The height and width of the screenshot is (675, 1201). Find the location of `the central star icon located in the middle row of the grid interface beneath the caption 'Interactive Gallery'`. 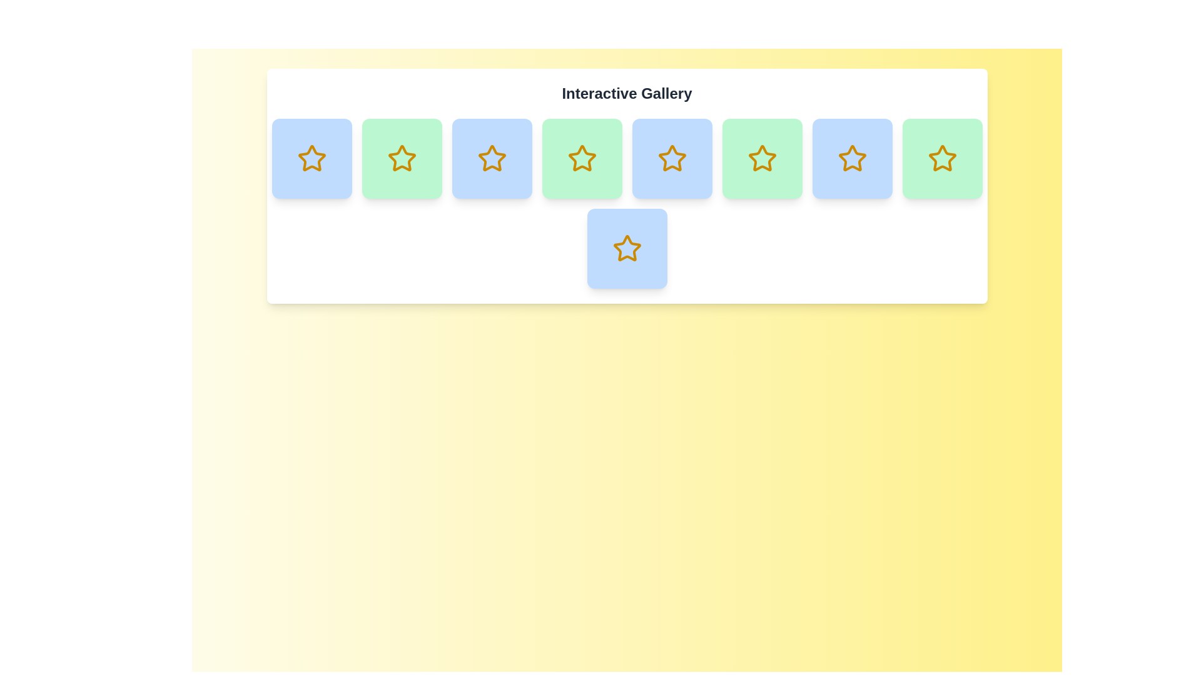

the central star icon located in the middle row of the grid interface beneath the caption 'Interactive Gallery' is located at coordinates (627, 248).